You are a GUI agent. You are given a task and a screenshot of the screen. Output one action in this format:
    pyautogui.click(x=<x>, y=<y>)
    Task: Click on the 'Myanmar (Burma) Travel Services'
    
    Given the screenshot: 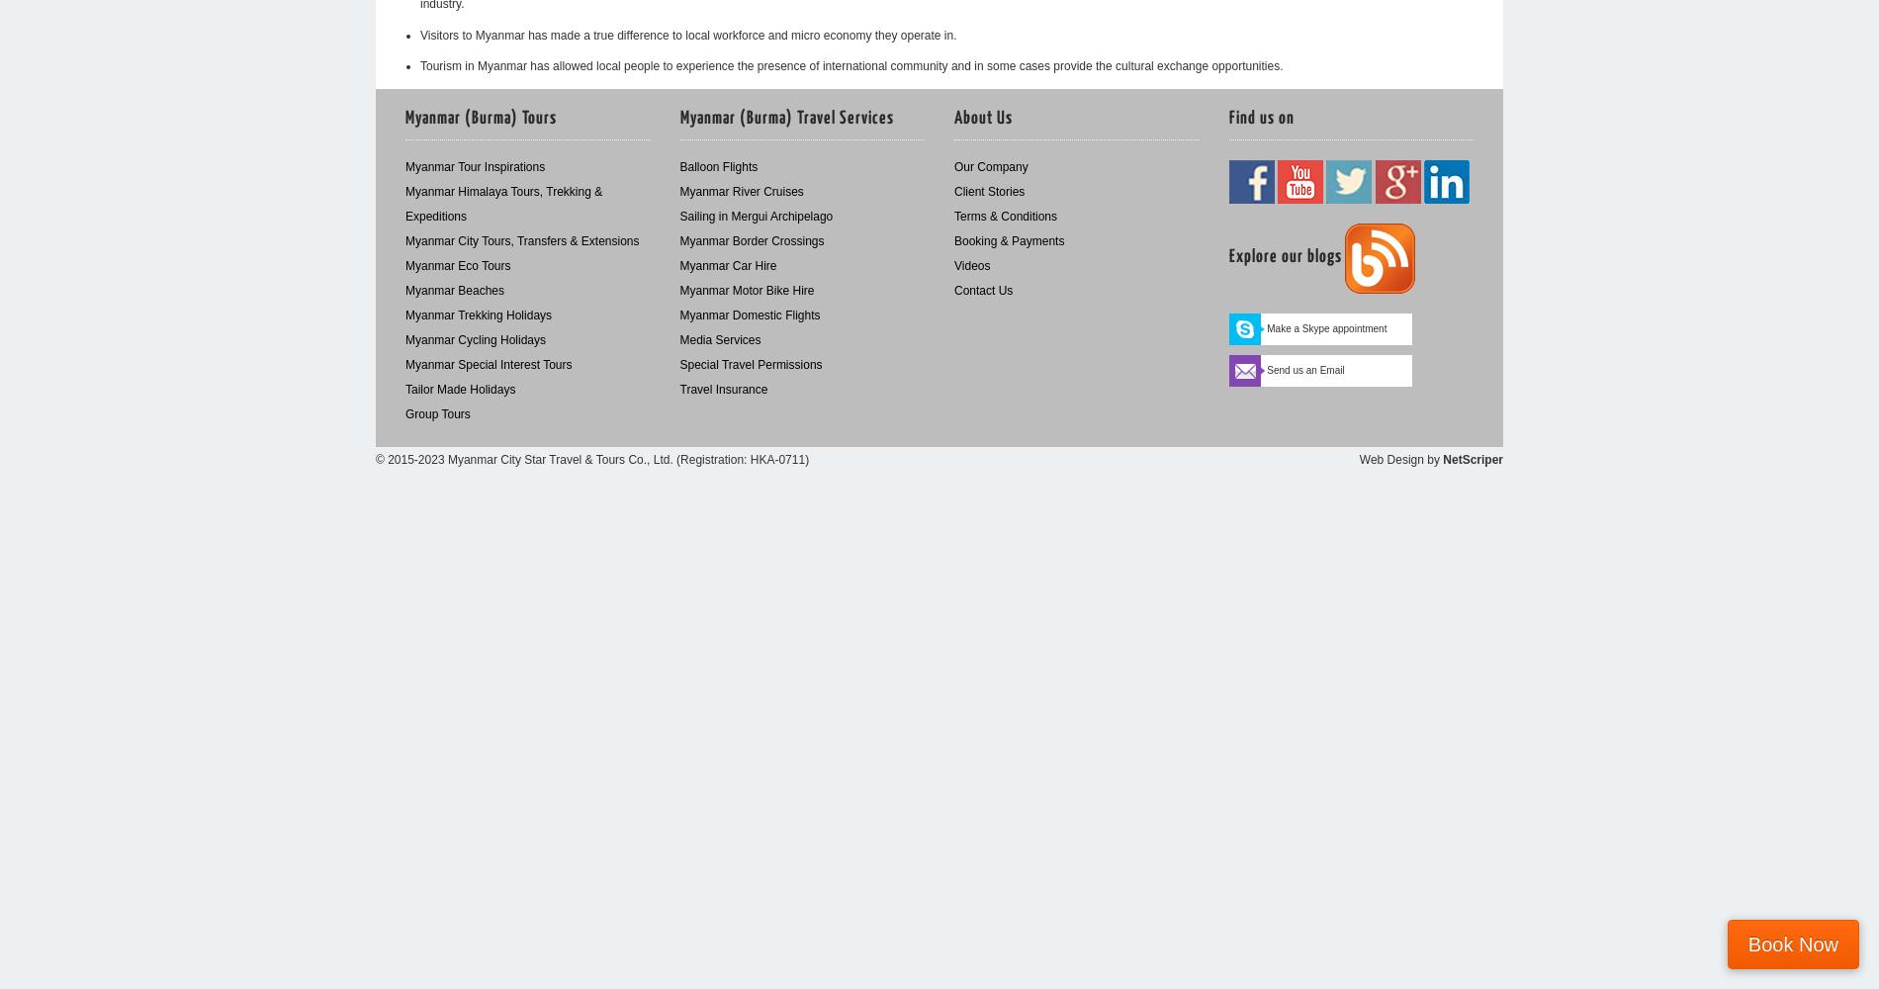 What is the action you would take?
    pyautogui.click(x=679, y=118)
    